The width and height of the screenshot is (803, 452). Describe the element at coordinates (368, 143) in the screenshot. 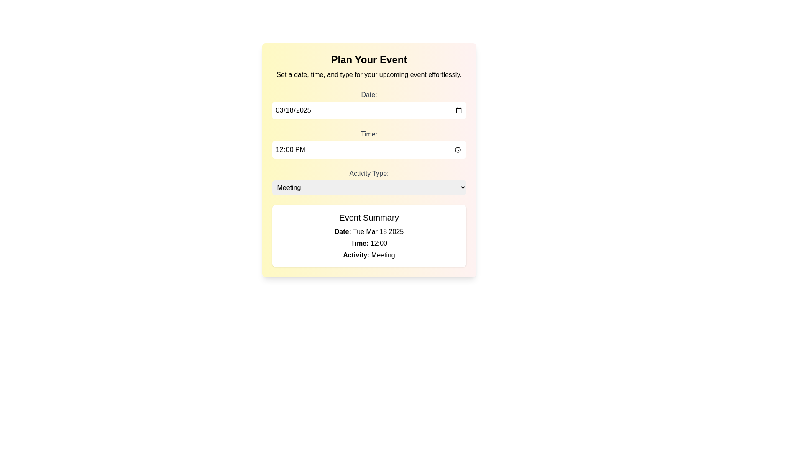

I see `time from the time picker in the Time input field labeled 'Time:', which is the second input field in the panel, located beneath the 'Date:' field` at that location.